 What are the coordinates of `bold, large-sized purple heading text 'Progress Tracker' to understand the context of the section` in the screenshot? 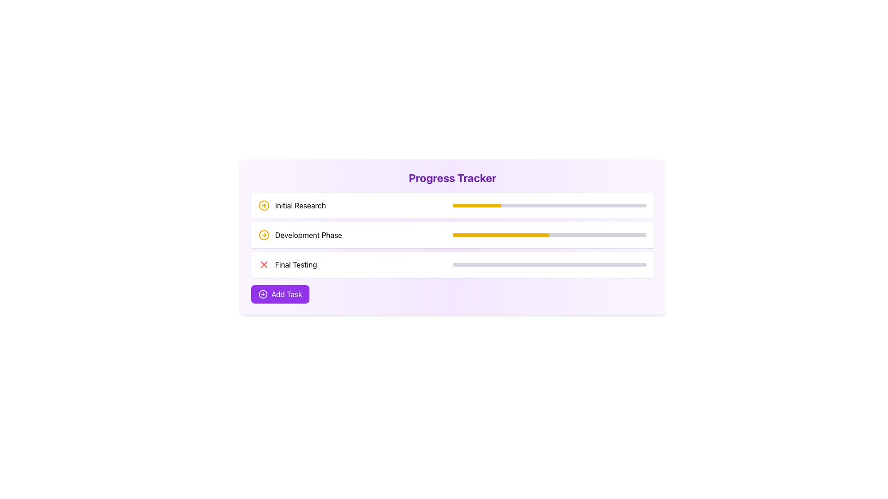 It's located at (452, 178).